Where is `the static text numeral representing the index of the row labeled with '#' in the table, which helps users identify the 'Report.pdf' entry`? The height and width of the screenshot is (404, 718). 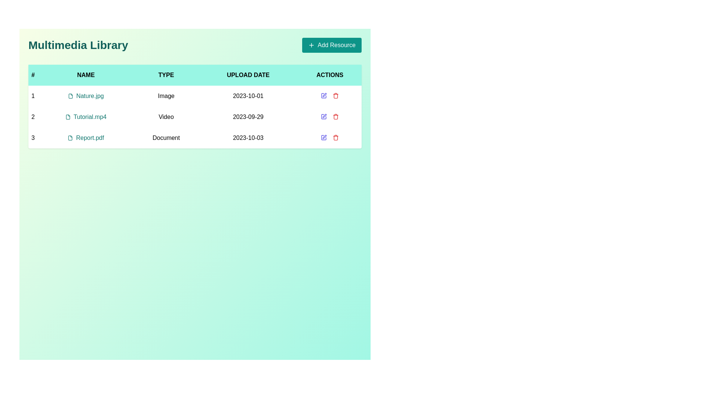
the static text numeral representing the index of the row labeled with '#' in the table, which helps users identify the 'Report.pdf' entry is located at coordinates (33, 138).